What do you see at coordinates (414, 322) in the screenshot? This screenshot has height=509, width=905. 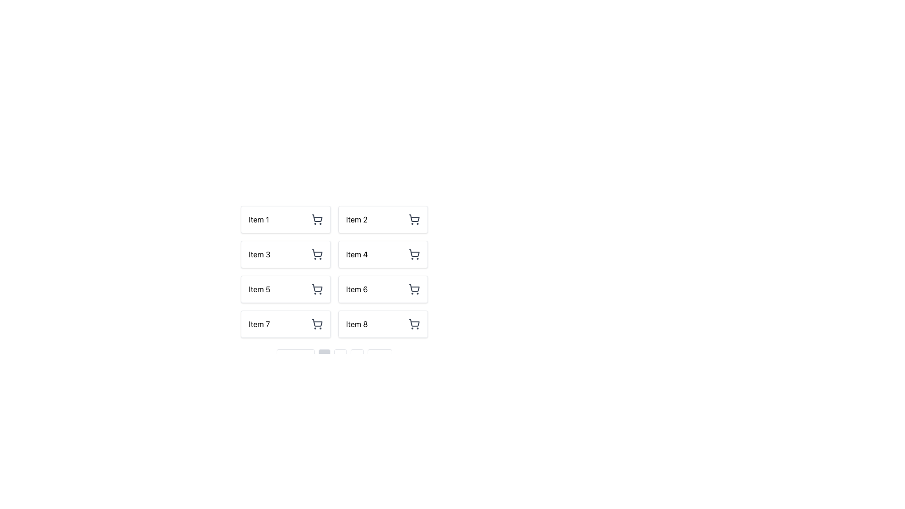 I see `the shopping cart icon located in the last cell of the second column` at bounding box center [414, 322].